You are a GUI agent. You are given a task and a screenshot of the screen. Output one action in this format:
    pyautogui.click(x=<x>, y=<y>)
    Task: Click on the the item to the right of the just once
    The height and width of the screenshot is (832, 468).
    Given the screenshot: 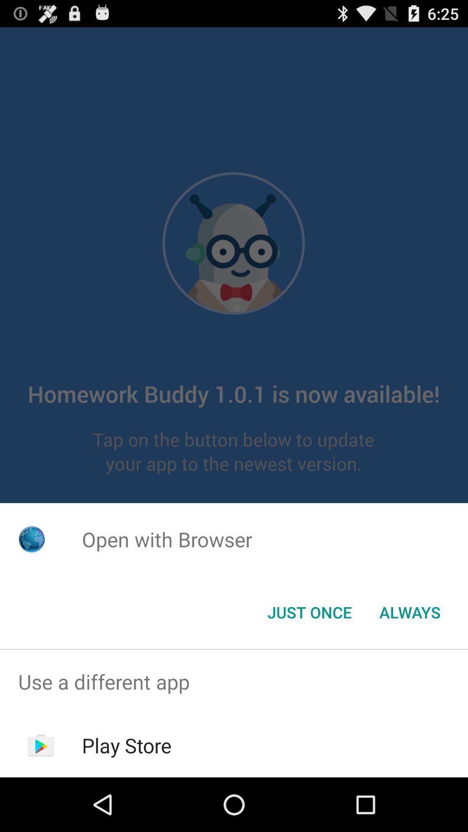 What is the action you would take?
    pyautogui.click(x=409, y=611)
    